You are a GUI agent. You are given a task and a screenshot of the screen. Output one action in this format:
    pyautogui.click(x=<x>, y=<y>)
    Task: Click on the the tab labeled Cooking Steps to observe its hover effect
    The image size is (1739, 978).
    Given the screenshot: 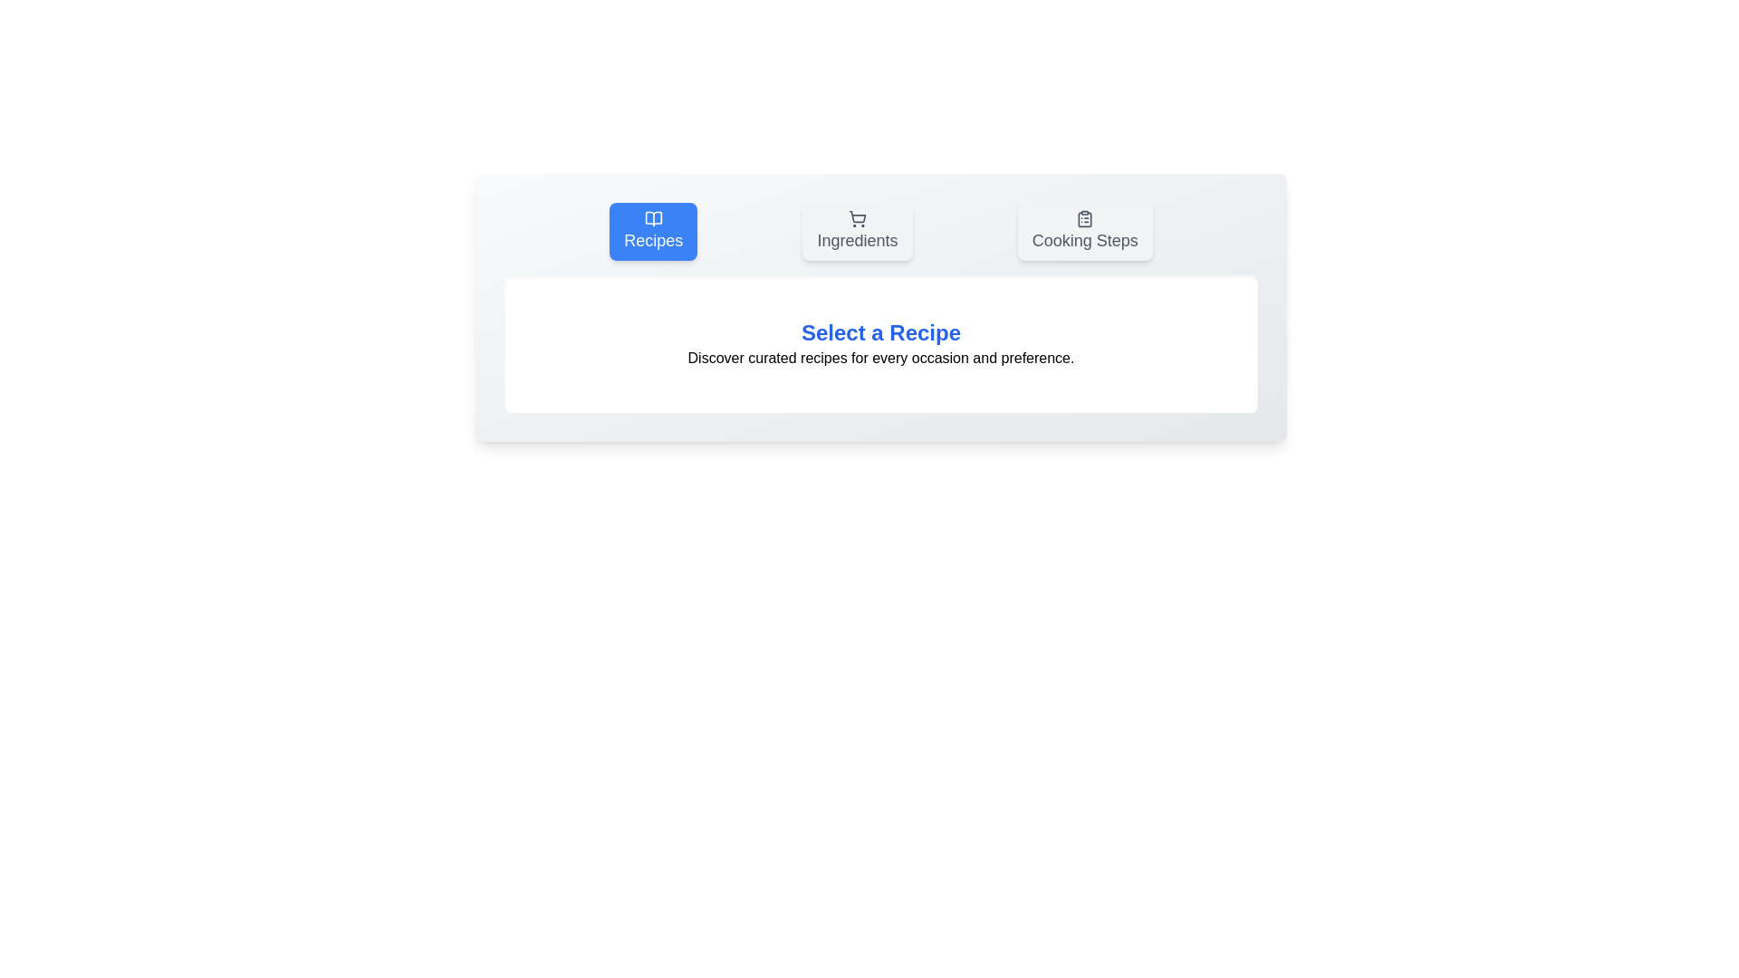 What is the action you would take?
    pyautogui.click(x=1085, y=230)
    